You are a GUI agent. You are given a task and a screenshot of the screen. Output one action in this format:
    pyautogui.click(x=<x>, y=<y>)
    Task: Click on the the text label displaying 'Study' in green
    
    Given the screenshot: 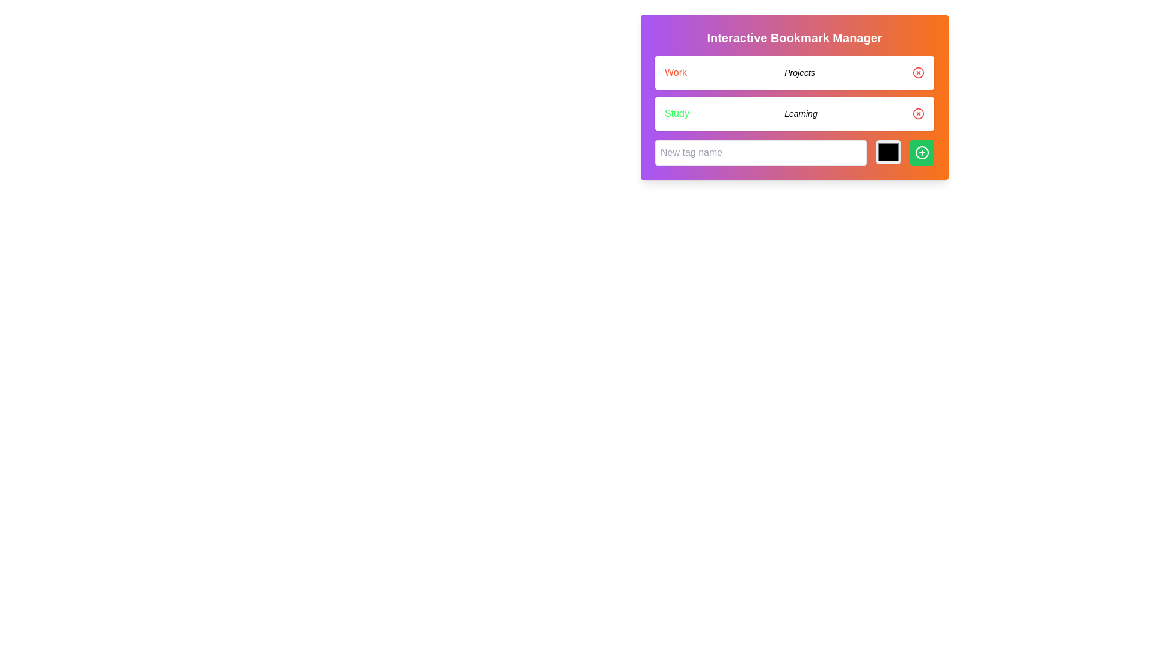 What is the action you would take?
    pyautogui.click(x=677, y=114)
    